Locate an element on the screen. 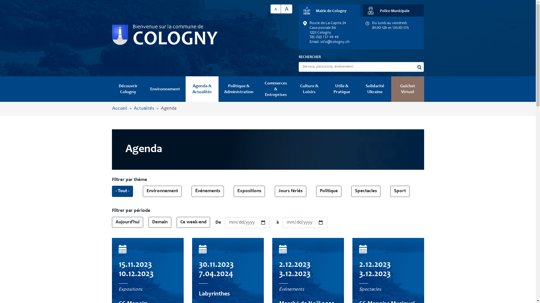 This screenshot has height=303, width=540. 'Utile & Pratique' is located at coordinates (342, 89).